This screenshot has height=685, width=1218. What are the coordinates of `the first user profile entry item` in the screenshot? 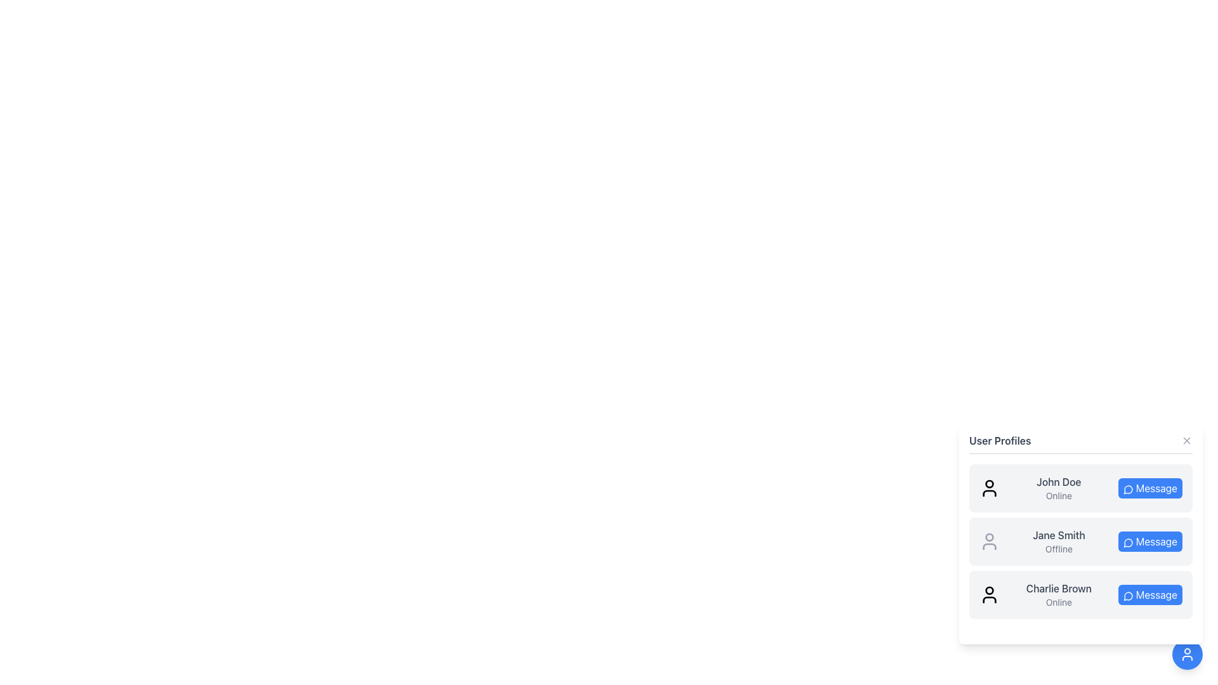 It's located at (1080, 488).